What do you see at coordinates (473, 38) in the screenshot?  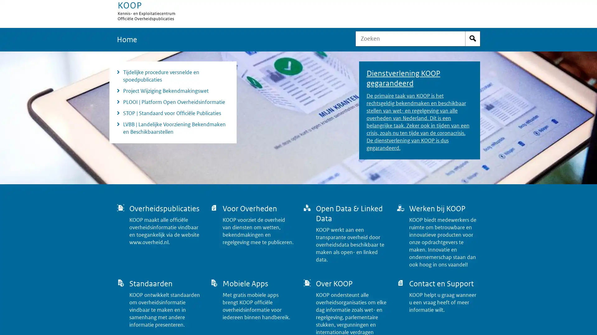 I see `Start zoeken` at bounding box center [473, 38].